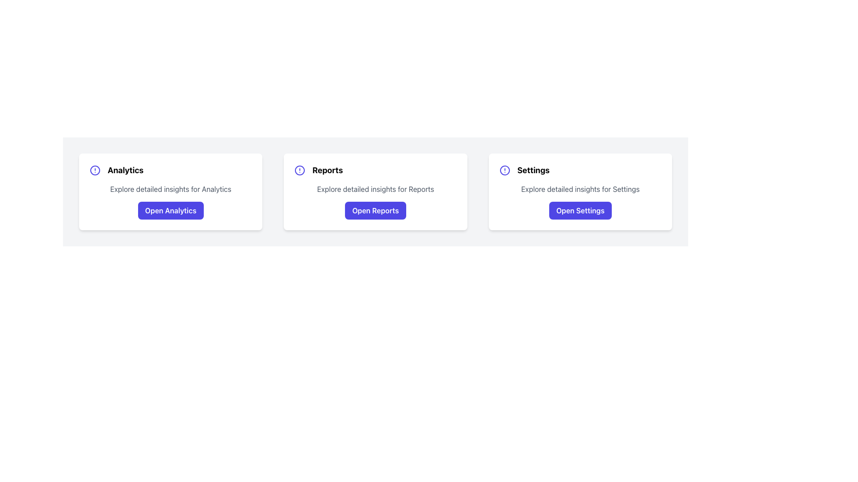 This screenshot has width=858, height=482. What do you see at coordinates (505, 170) in the screenshot?
I see `the circle SVG element that visually contributes to the 'Settings' section, located at the center of the 'Settings' icon in the third card of the interface` at bounding box center [505, 170].